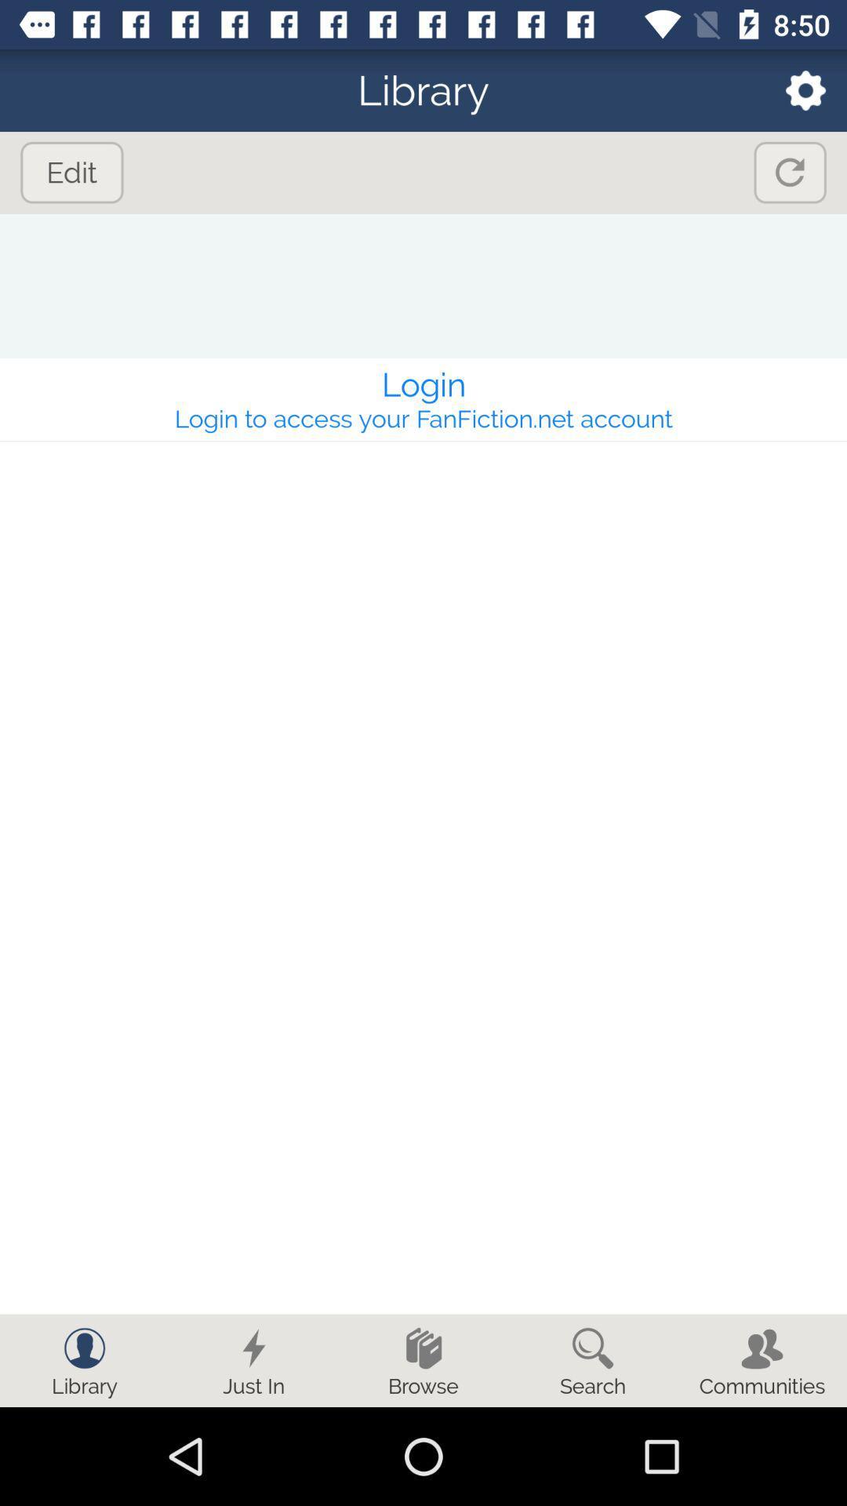  What do you see at coordinates (423, 418) in the screenshot?
I see `login to access app` at bounding box center [423, 418].